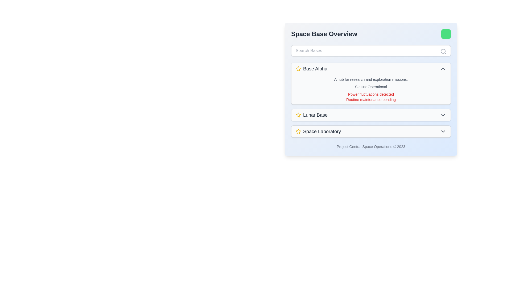 The image size is (511, 287). Describe the element at coordinates (311, 68) in the screenshot. I see `the 'Base Alpha' text label` at that location.